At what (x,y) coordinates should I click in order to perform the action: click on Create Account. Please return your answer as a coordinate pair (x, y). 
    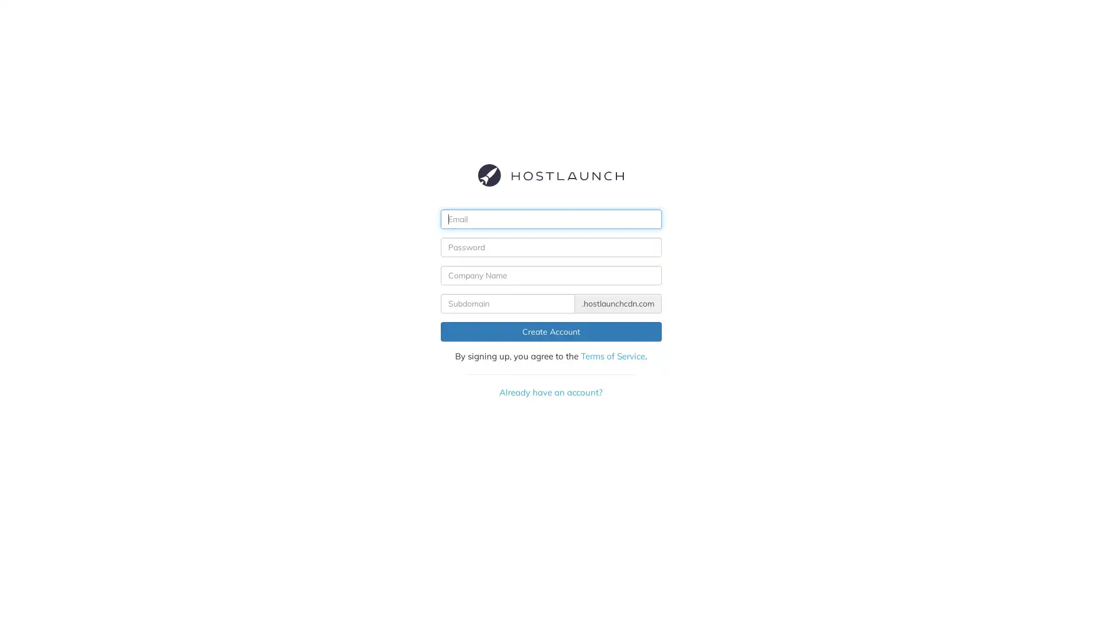
    Looking at the image, I should click on (550, 332).